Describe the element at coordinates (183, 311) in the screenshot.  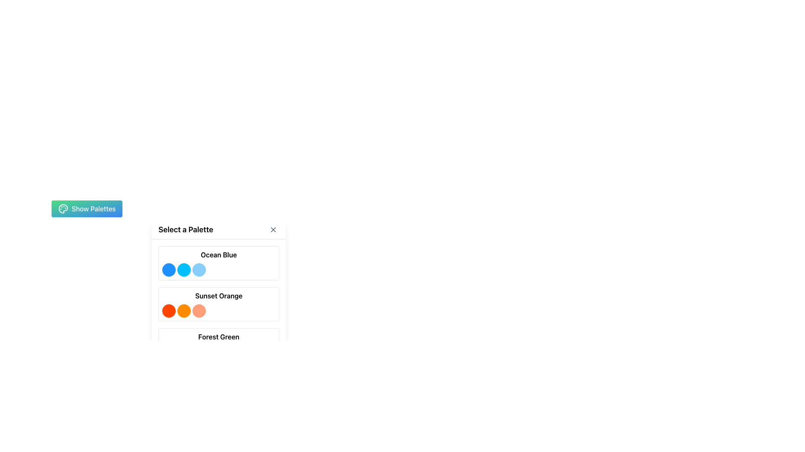
I see `the second circular Color palette button with an orange fill color in the 'Sunset Orange' palette group, located in the modal dialog box titled 'Select a Palette'` at that location.